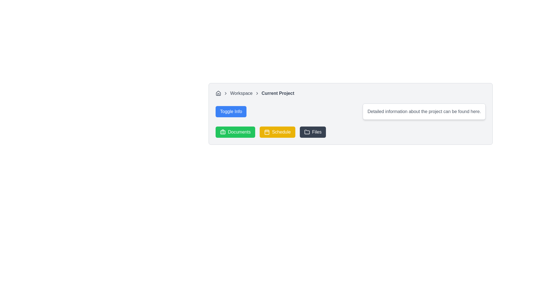 The width and height of the screenshot is (539, 303). What do you see at coordinates (226, 93) in the screenshot?
I see `the first rightward-pointing chevron icon in the breadcrumb navigation located between the house icon and the label 'Workspace'` at bounding box center [226, 93].